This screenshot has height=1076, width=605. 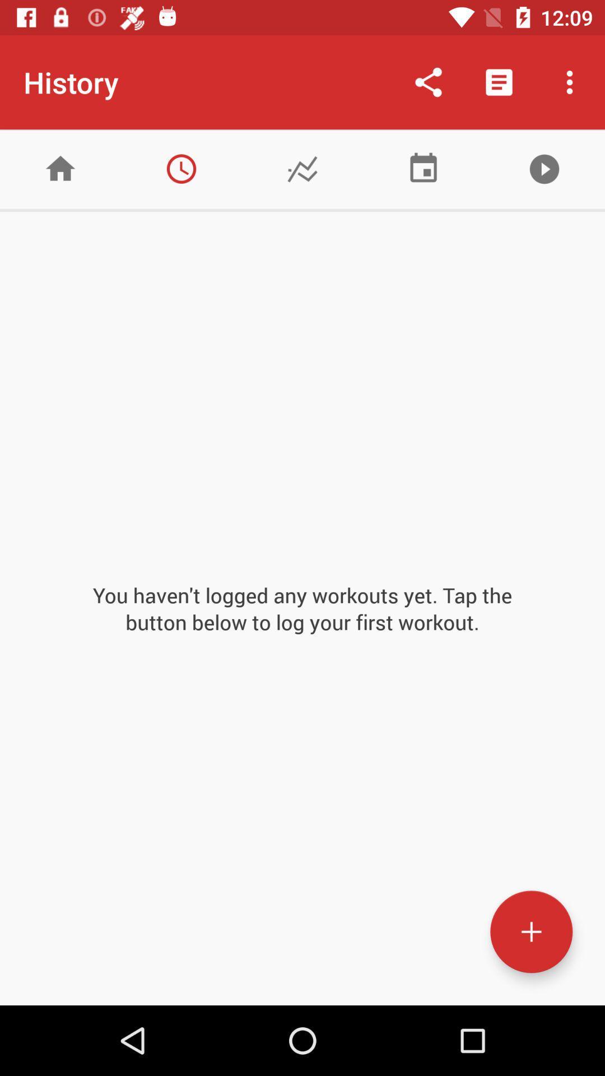 I want to click on workout entry, so click(x=530, y=931).